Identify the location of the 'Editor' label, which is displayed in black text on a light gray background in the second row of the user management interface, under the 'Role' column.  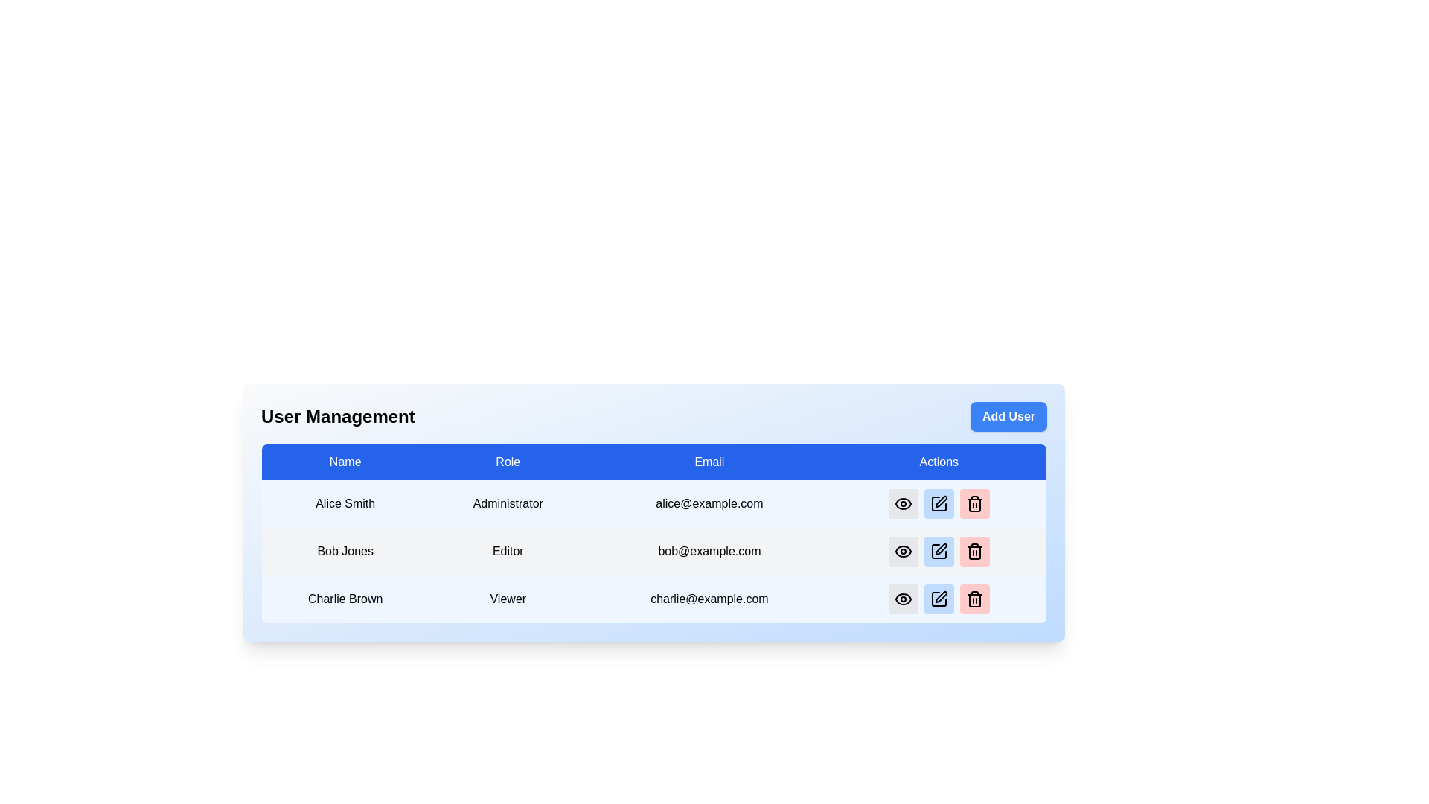
(508, 551).